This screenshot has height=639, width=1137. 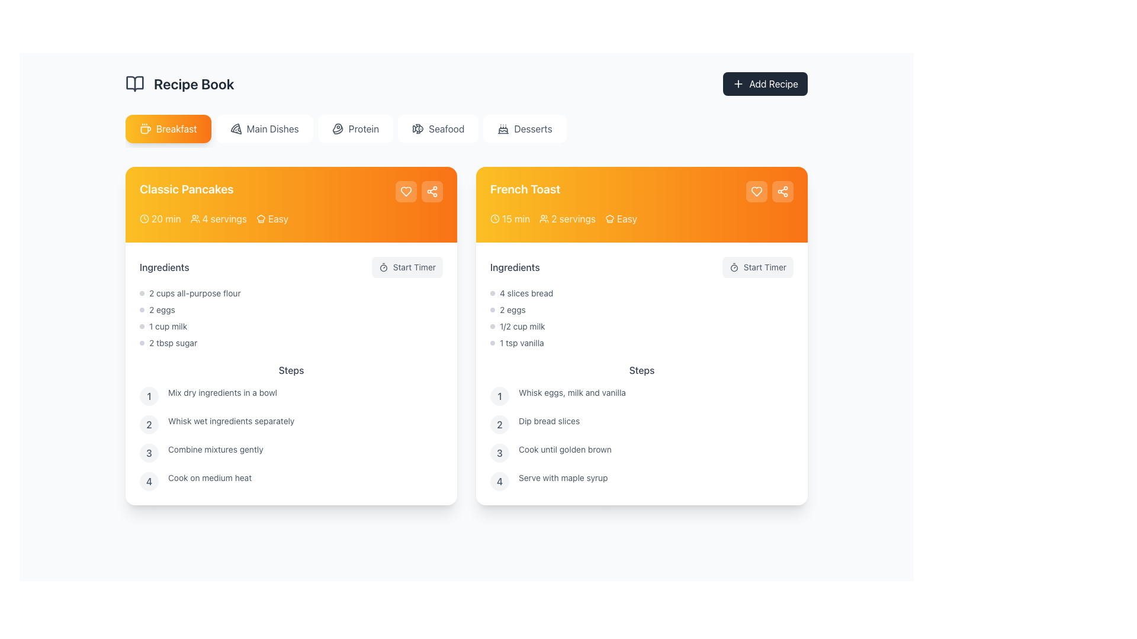 What do you see at coordinates (414, 267) in the screenshot?
I see `the 'Start Timer' text label, which is styled in a small-sized gray font and is positioned within the 'French Toast' recipe card, adjacent to the ingredients list` at bounding box center [414, 267].